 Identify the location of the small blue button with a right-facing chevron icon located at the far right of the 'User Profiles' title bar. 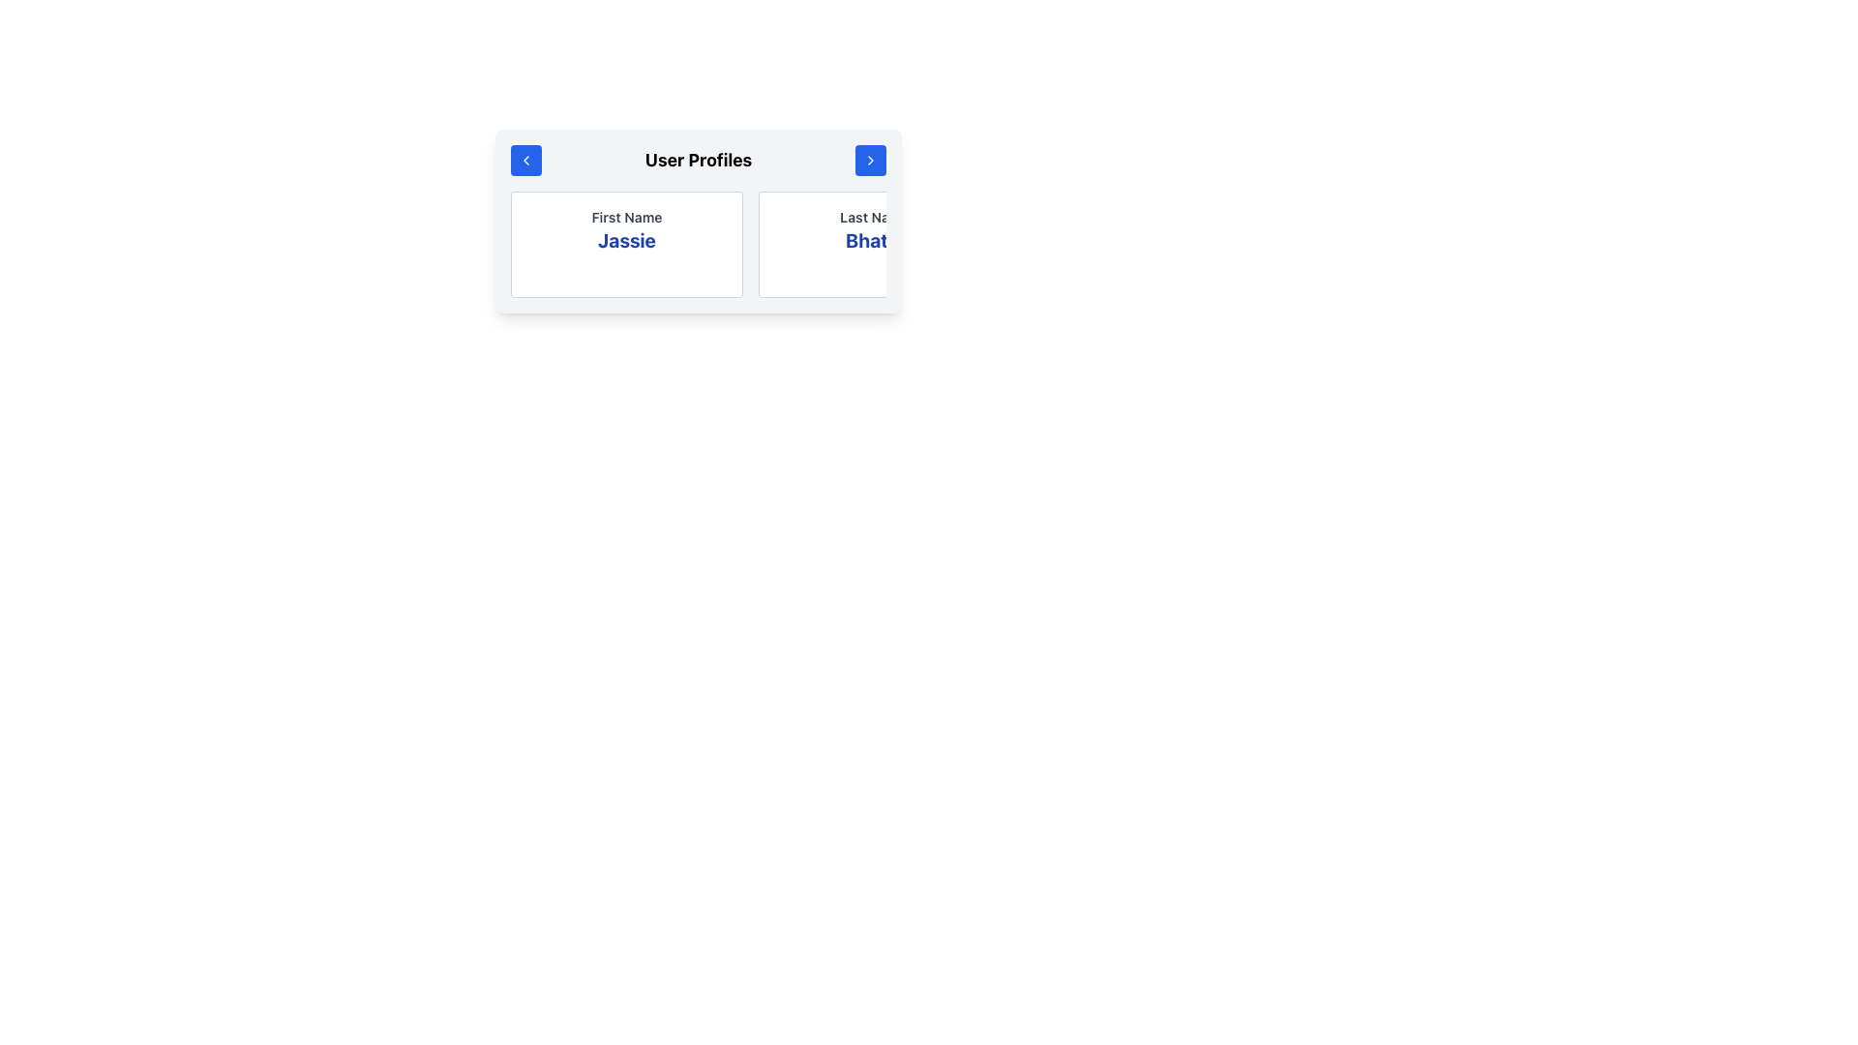
(869, 159).